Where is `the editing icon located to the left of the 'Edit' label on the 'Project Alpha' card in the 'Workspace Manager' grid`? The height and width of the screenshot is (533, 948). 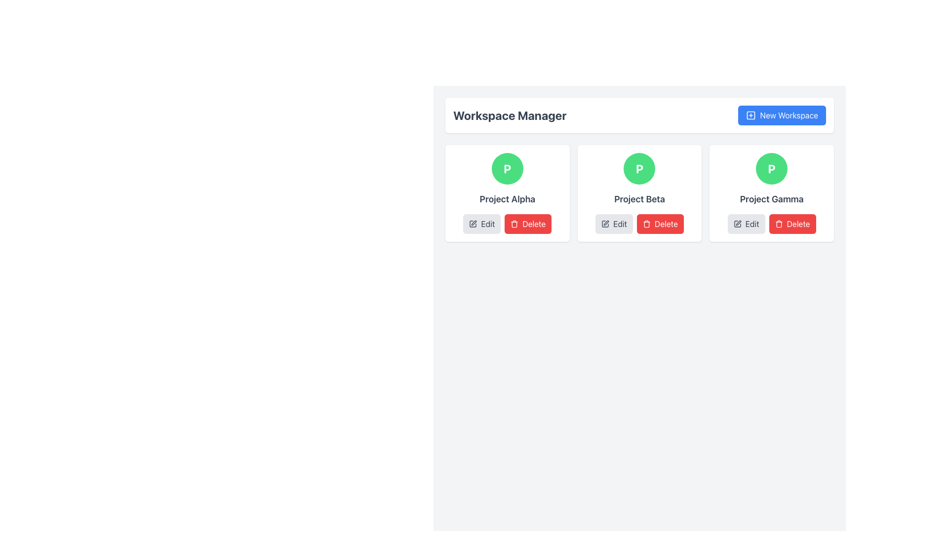
the editing icon located to the left of the 'Edit' label on the 'Project Alpha' card in the 'Workspace Manager' grid is located at coordinates (473, 224).